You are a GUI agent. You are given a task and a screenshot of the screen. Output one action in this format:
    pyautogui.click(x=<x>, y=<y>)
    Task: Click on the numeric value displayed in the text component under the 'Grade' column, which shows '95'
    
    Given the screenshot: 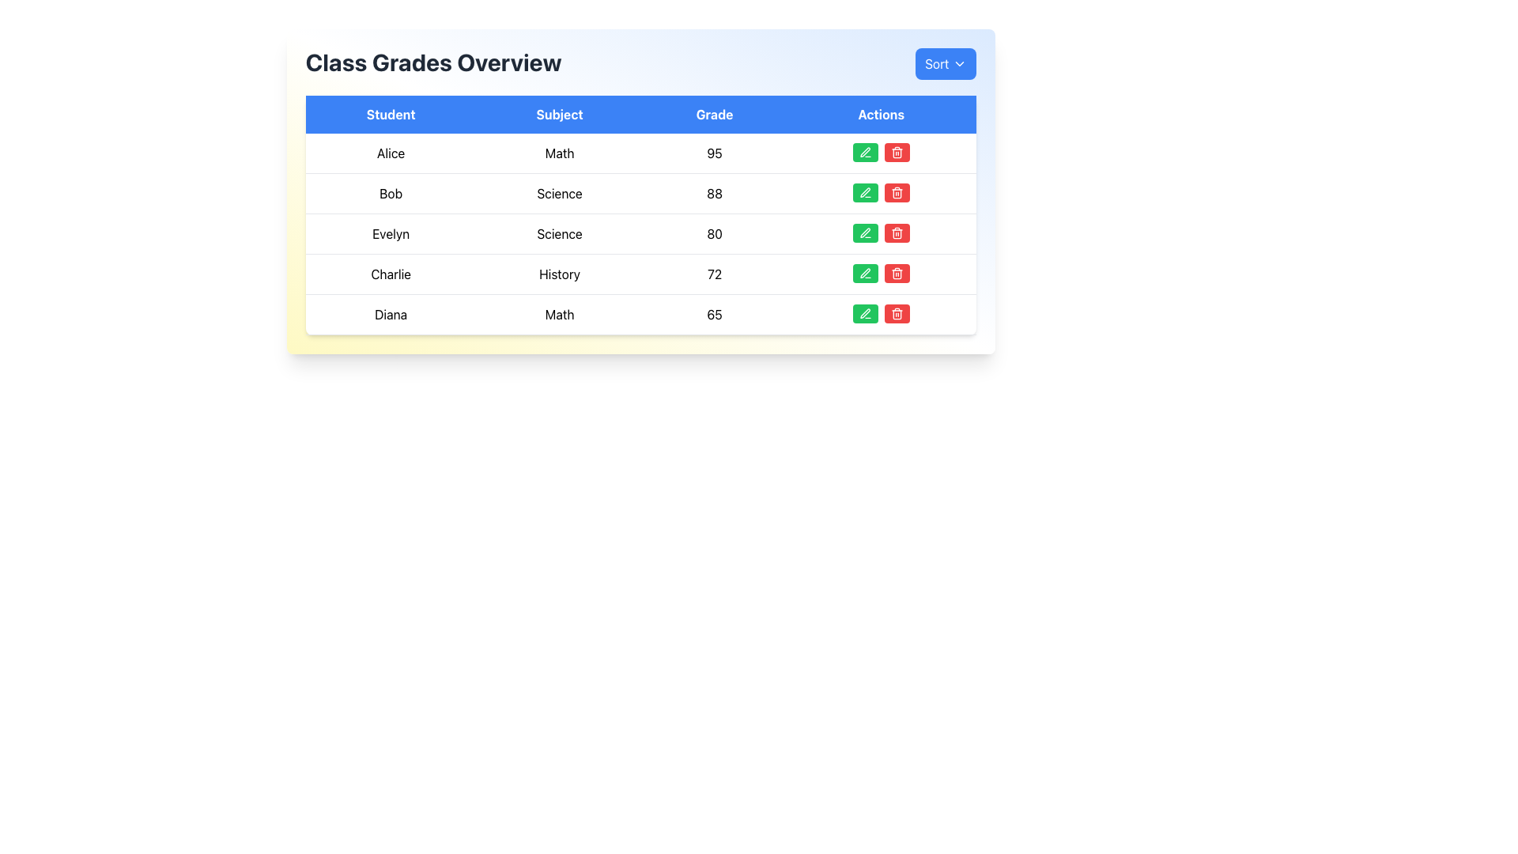 What is the action you would take?
    pyautogui.click(x=714, y=153)
    